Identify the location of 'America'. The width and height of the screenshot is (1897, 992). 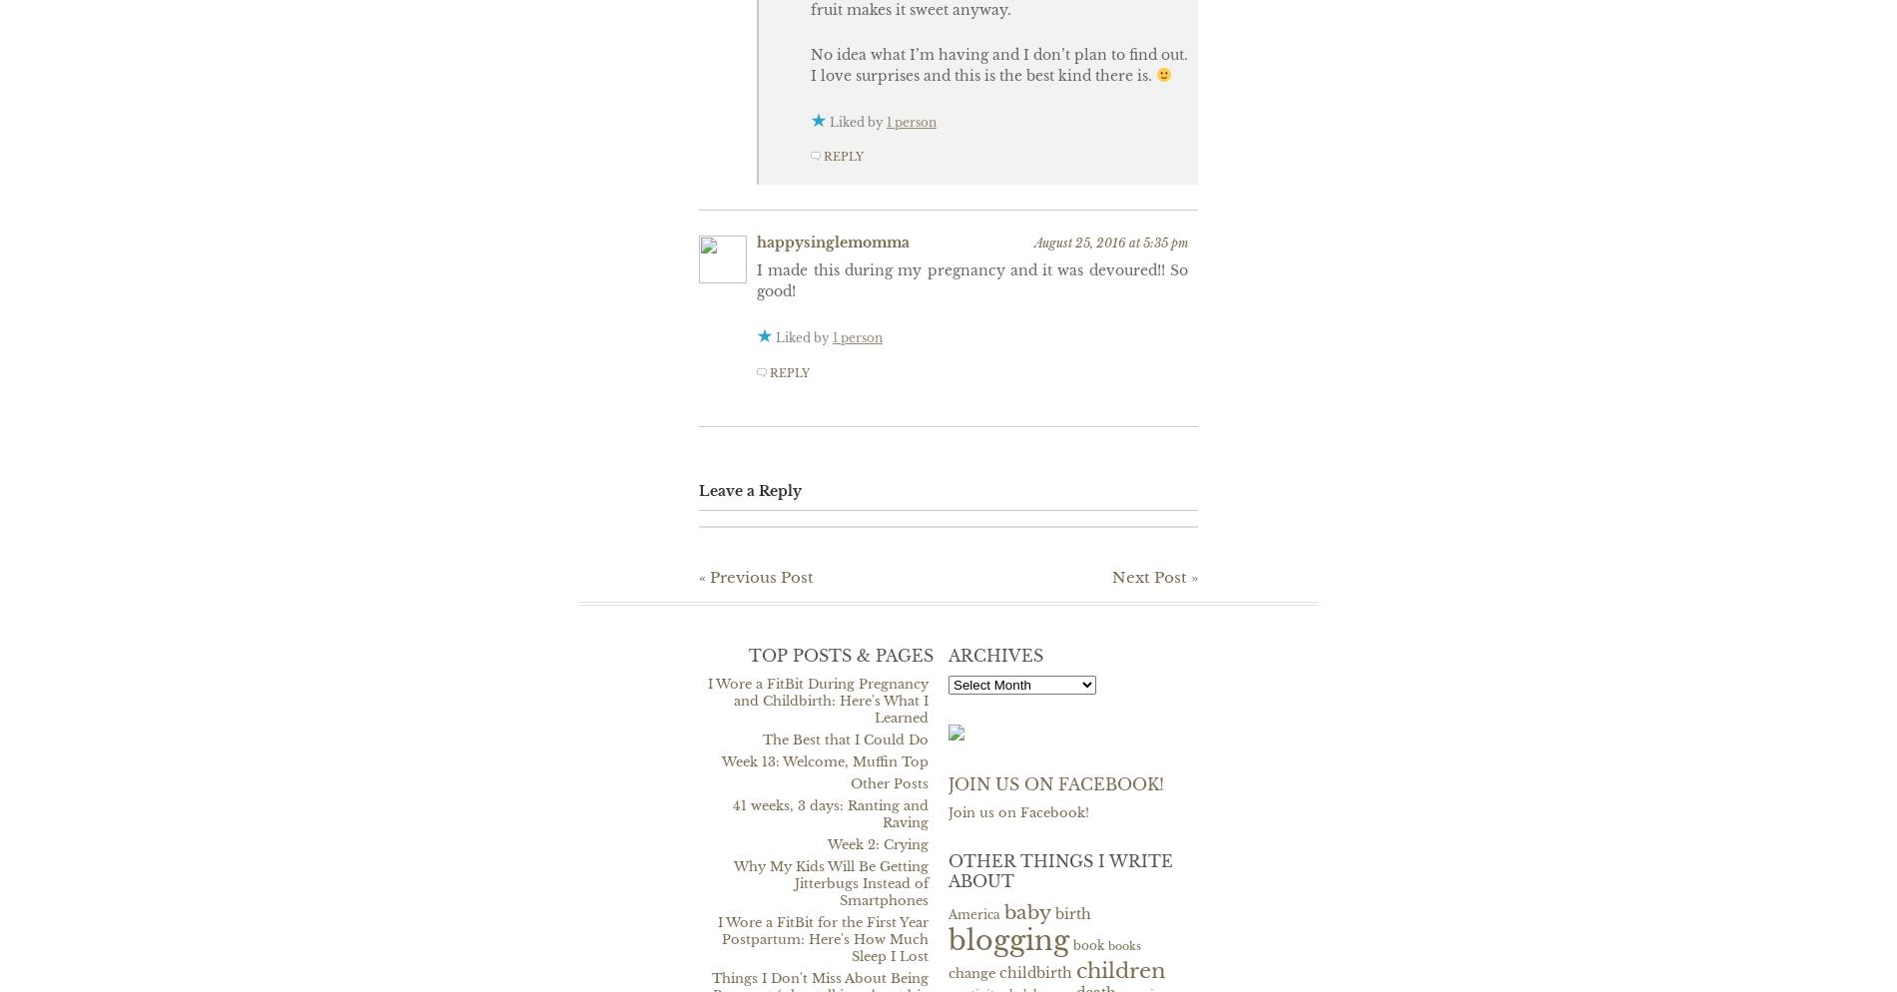
(974, 912).